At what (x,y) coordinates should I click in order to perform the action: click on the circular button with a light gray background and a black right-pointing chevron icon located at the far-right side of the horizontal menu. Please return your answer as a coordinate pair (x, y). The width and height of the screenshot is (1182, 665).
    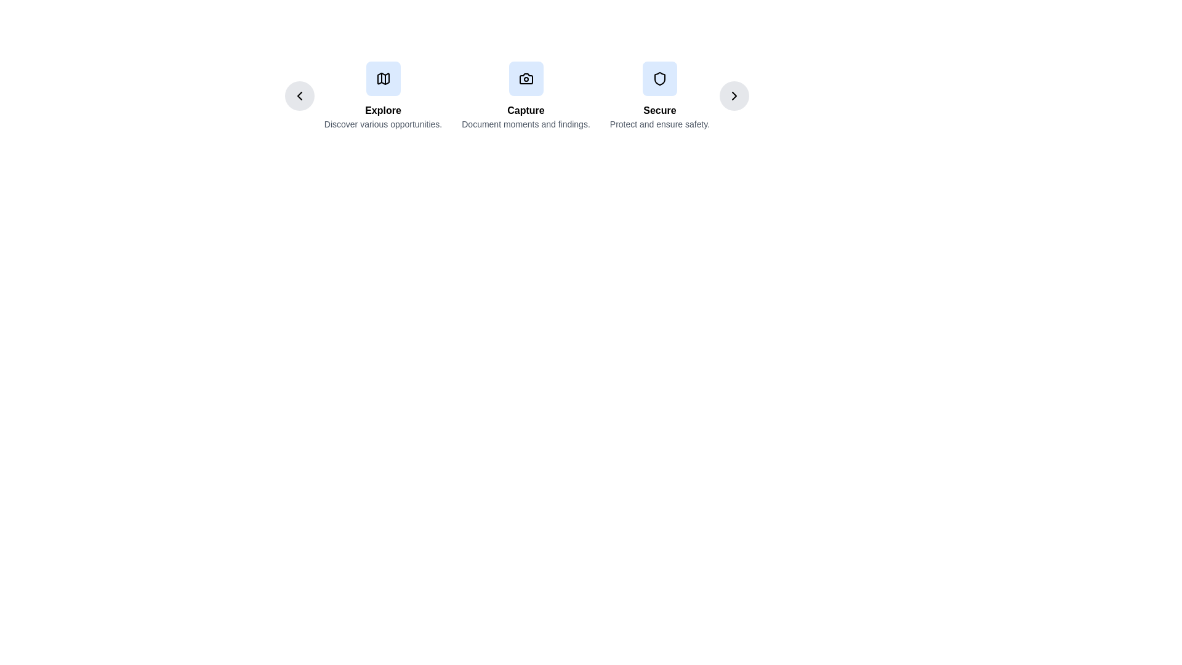
    Looking at the image, I should click on (734, 95).